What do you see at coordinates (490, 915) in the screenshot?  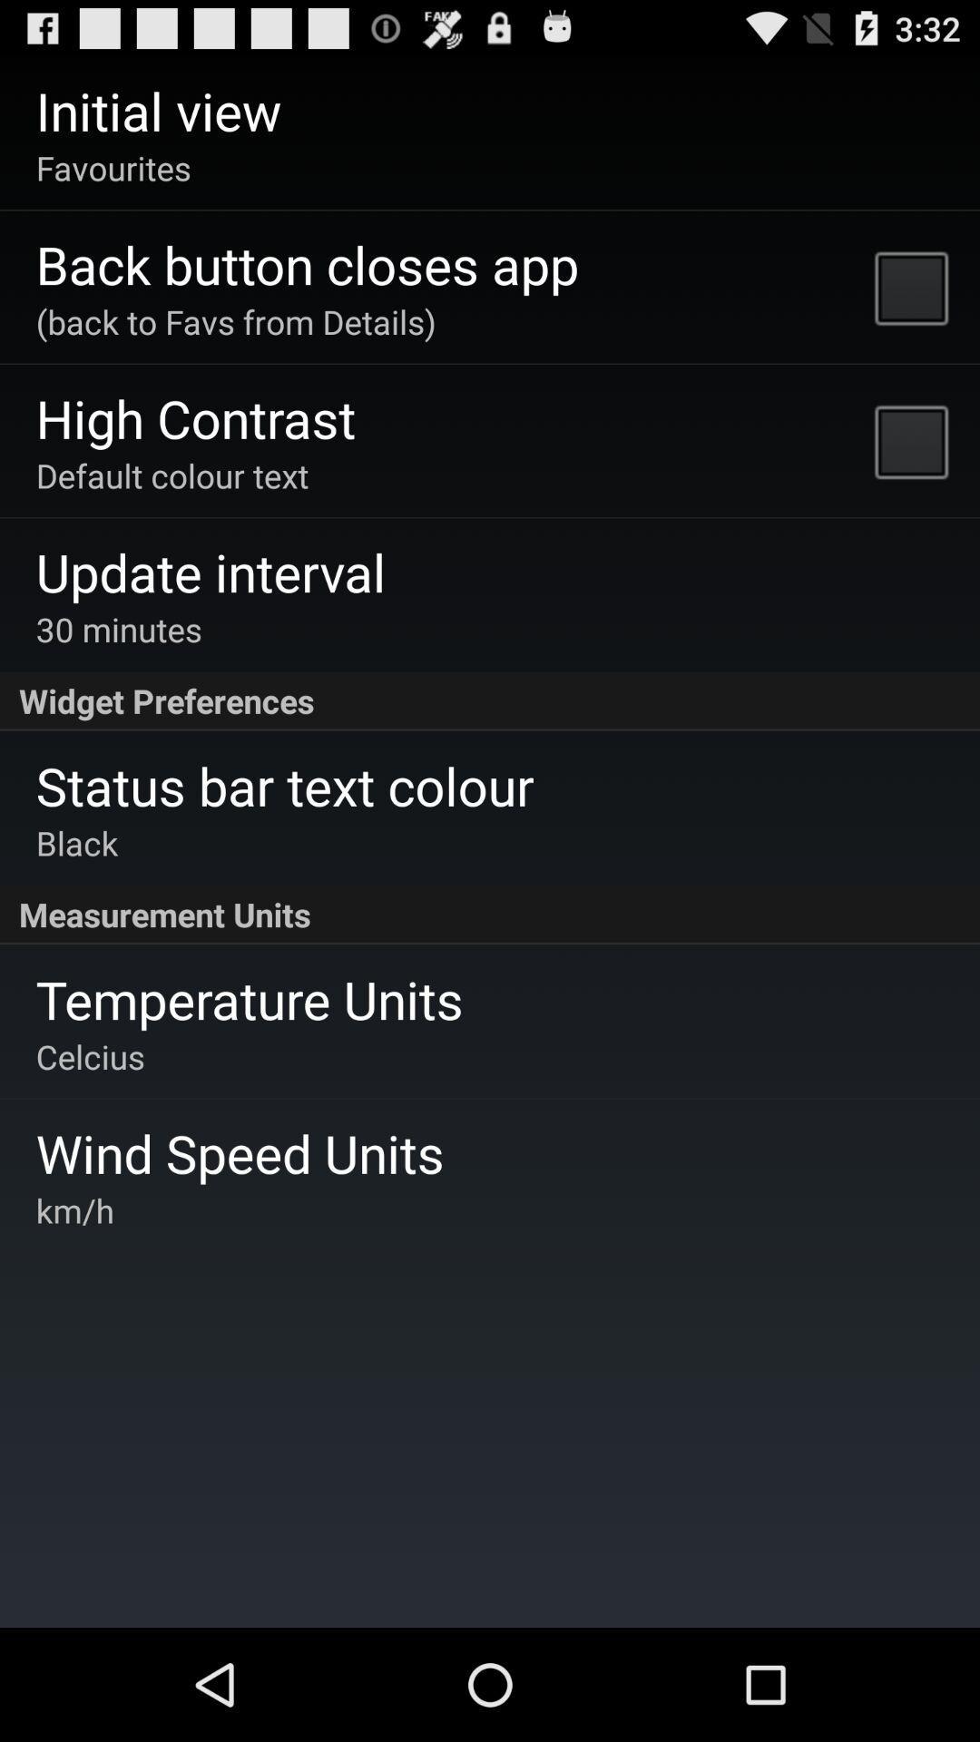 I see `measurement units app` at bounding box center [490, 915].